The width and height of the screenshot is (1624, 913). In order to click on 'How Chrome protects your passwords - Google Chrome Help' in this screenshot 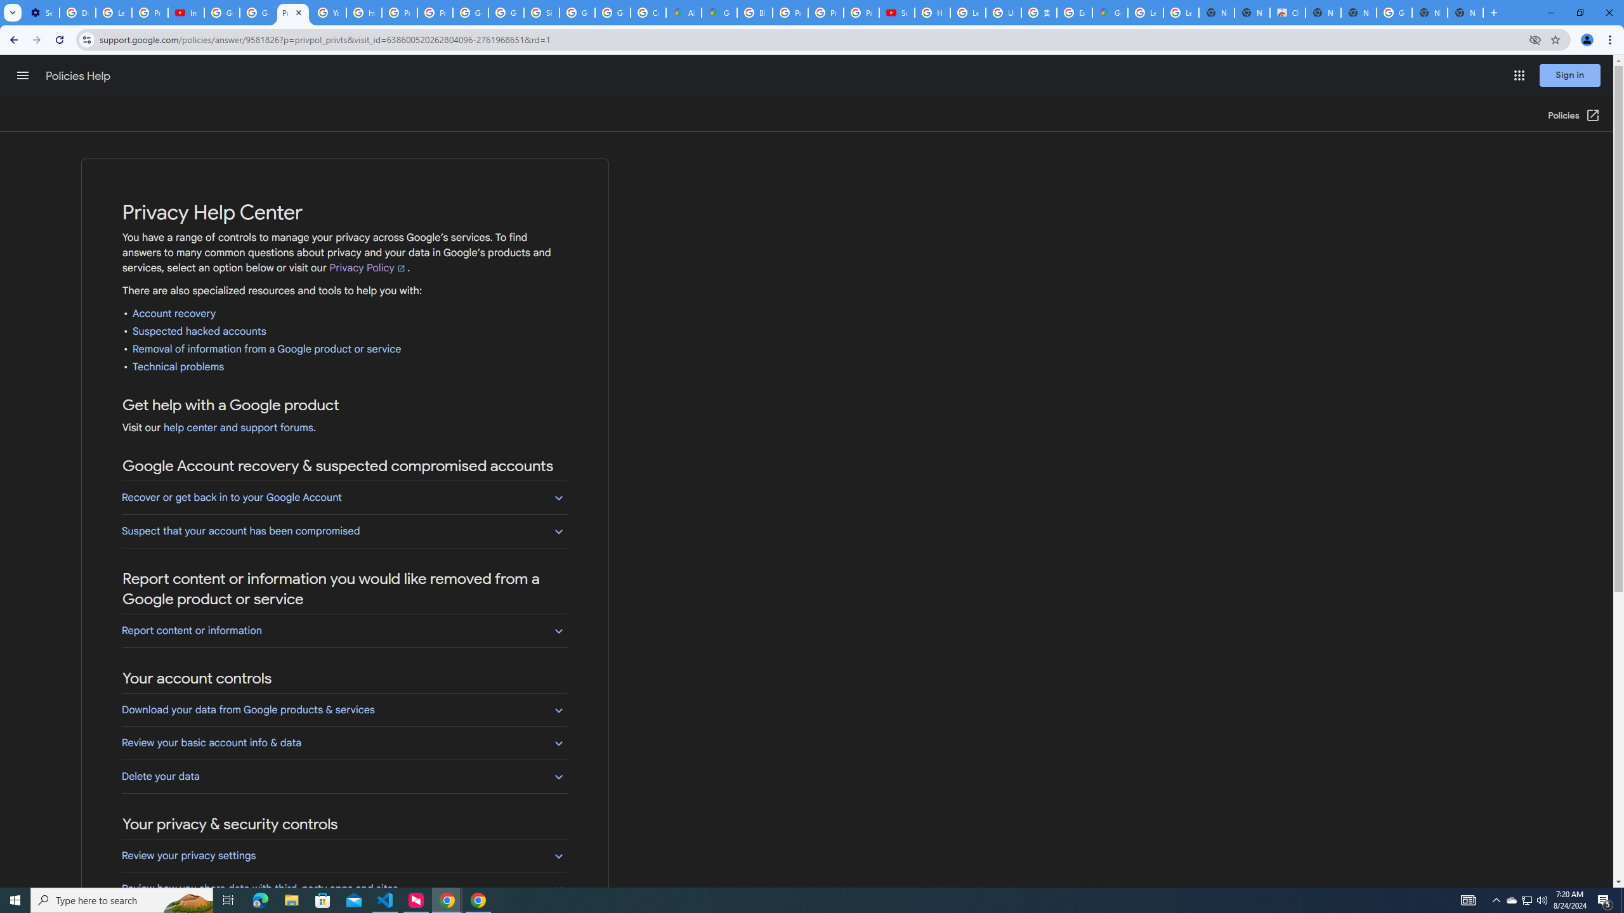, I will do `click(932, 12)`.